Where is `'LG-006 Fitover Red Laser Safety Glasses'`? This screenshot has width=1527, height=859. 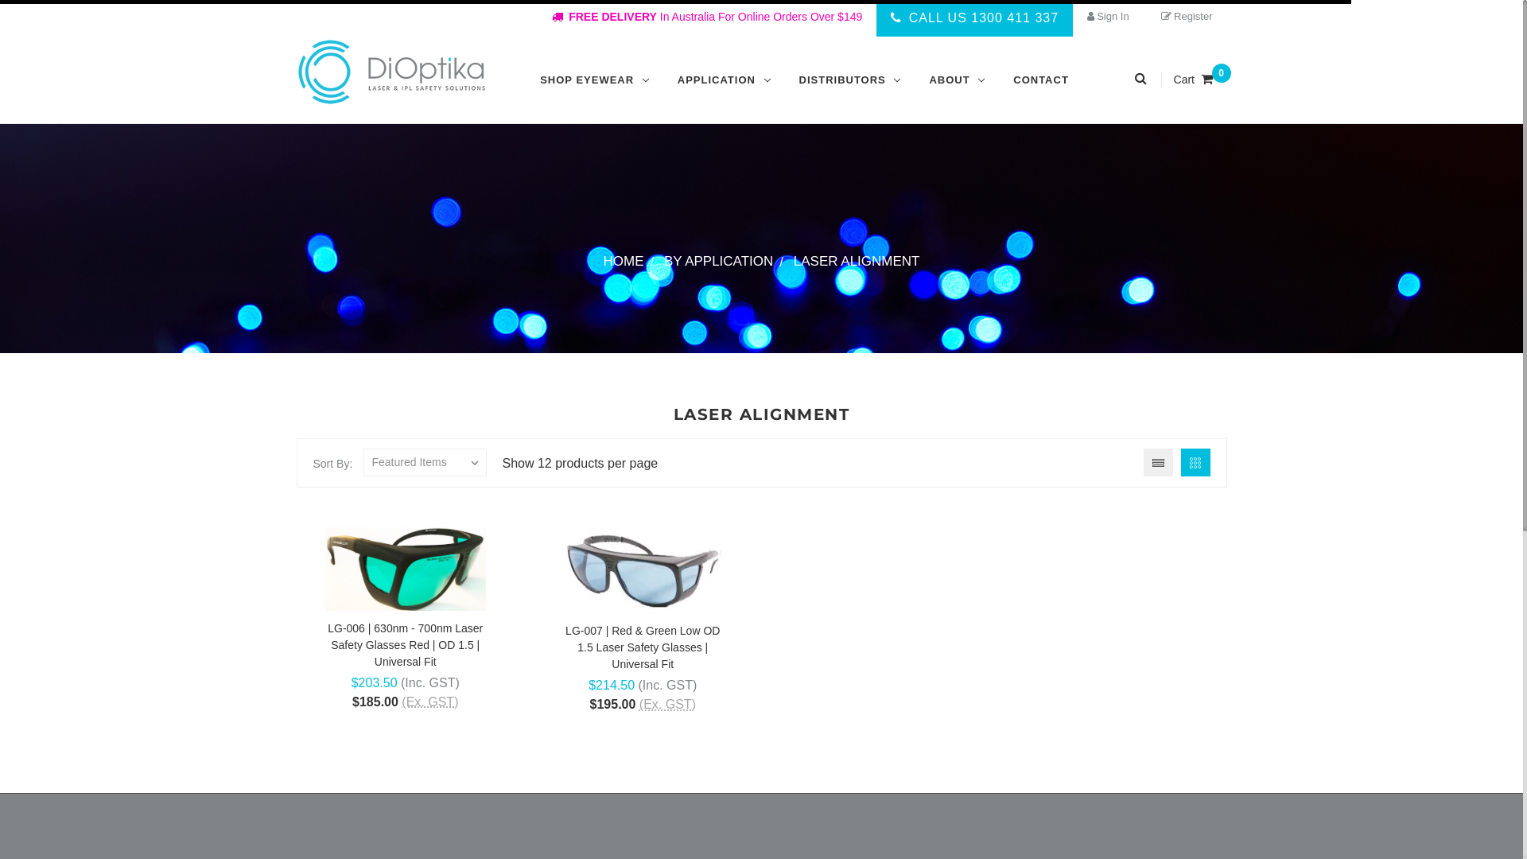 'LG-006 Fitover Red Laser Safety Glasses' is located at coordinates (324, 568).